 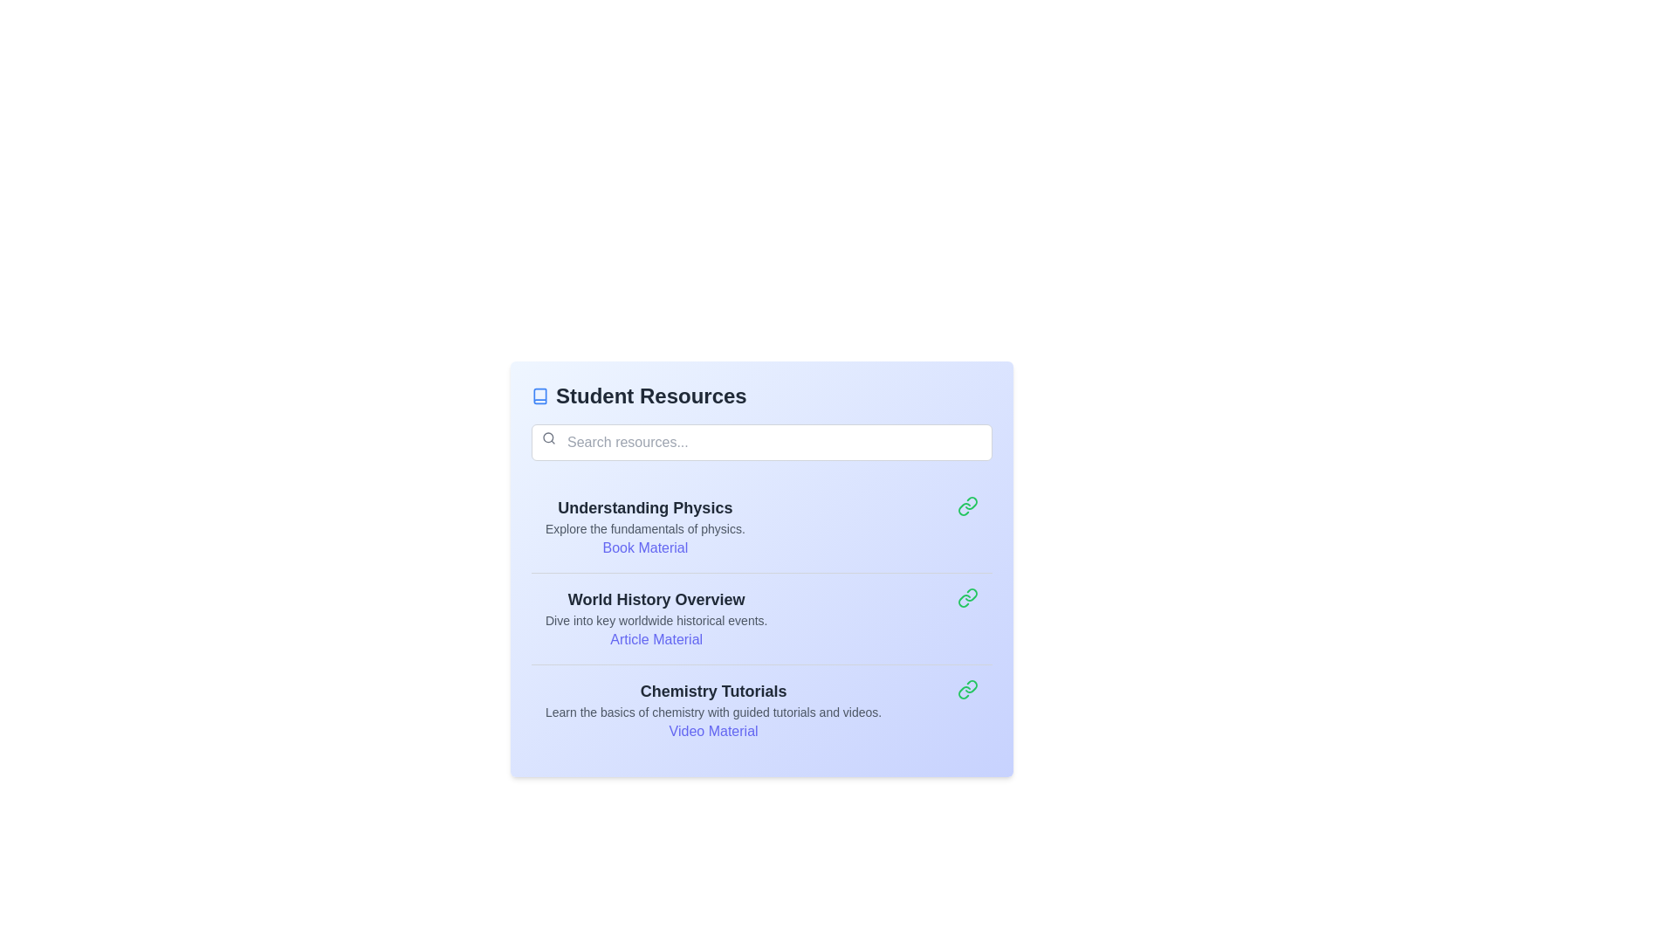 I want to click on link icon beside the resource titled 'Understanding Physics', so click(x=966, y=506).